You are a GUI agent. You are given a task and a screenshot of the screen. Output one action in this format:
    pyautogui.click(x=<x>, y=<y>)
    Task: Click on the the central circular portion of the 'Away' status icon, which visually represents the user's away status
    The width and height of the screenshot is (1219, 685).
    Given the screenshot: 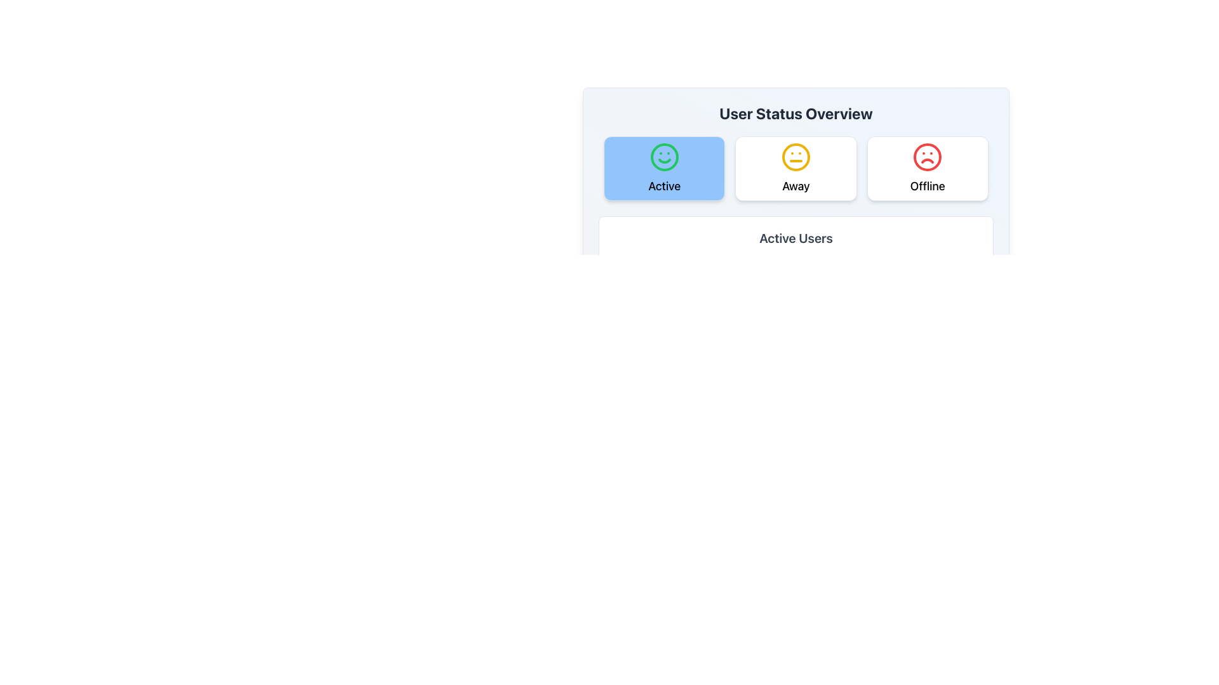 What is the action you would take?
    pyautogui.click(x=795, y=156)
    